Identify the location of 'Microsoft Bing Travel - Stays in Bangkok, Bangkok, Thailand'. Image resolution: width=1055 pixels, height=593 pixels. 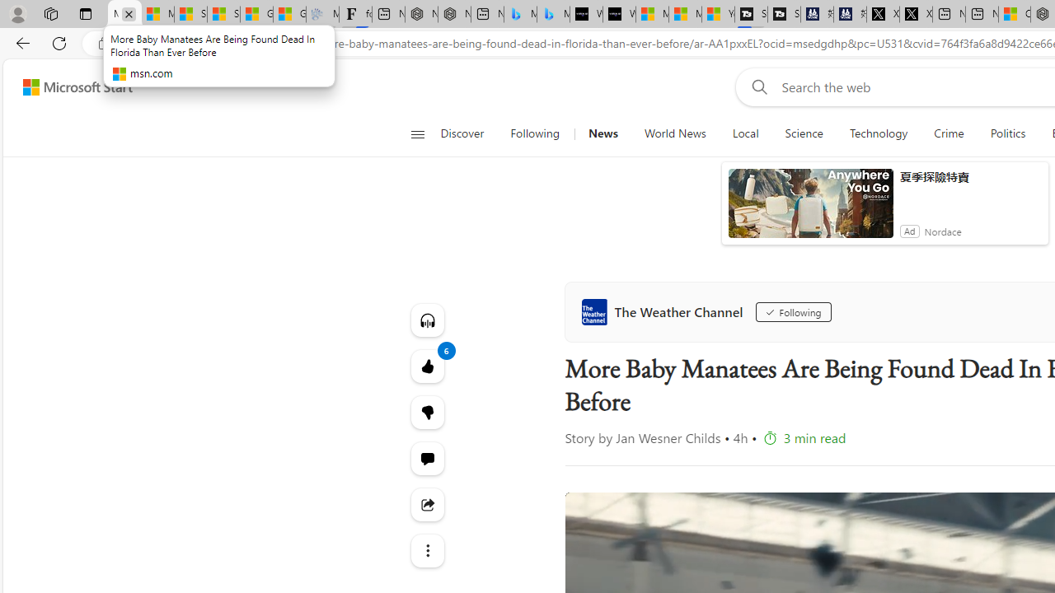
(519, 14).